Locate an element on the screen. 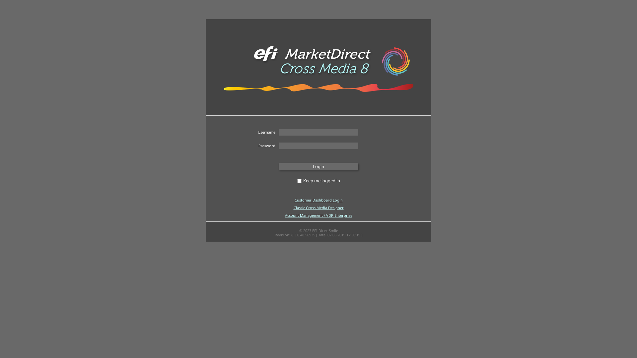 The width and height of the screenshot is (637, 358). 'Account Management / VDP Enterprise' is located at coordinates (318, 215).